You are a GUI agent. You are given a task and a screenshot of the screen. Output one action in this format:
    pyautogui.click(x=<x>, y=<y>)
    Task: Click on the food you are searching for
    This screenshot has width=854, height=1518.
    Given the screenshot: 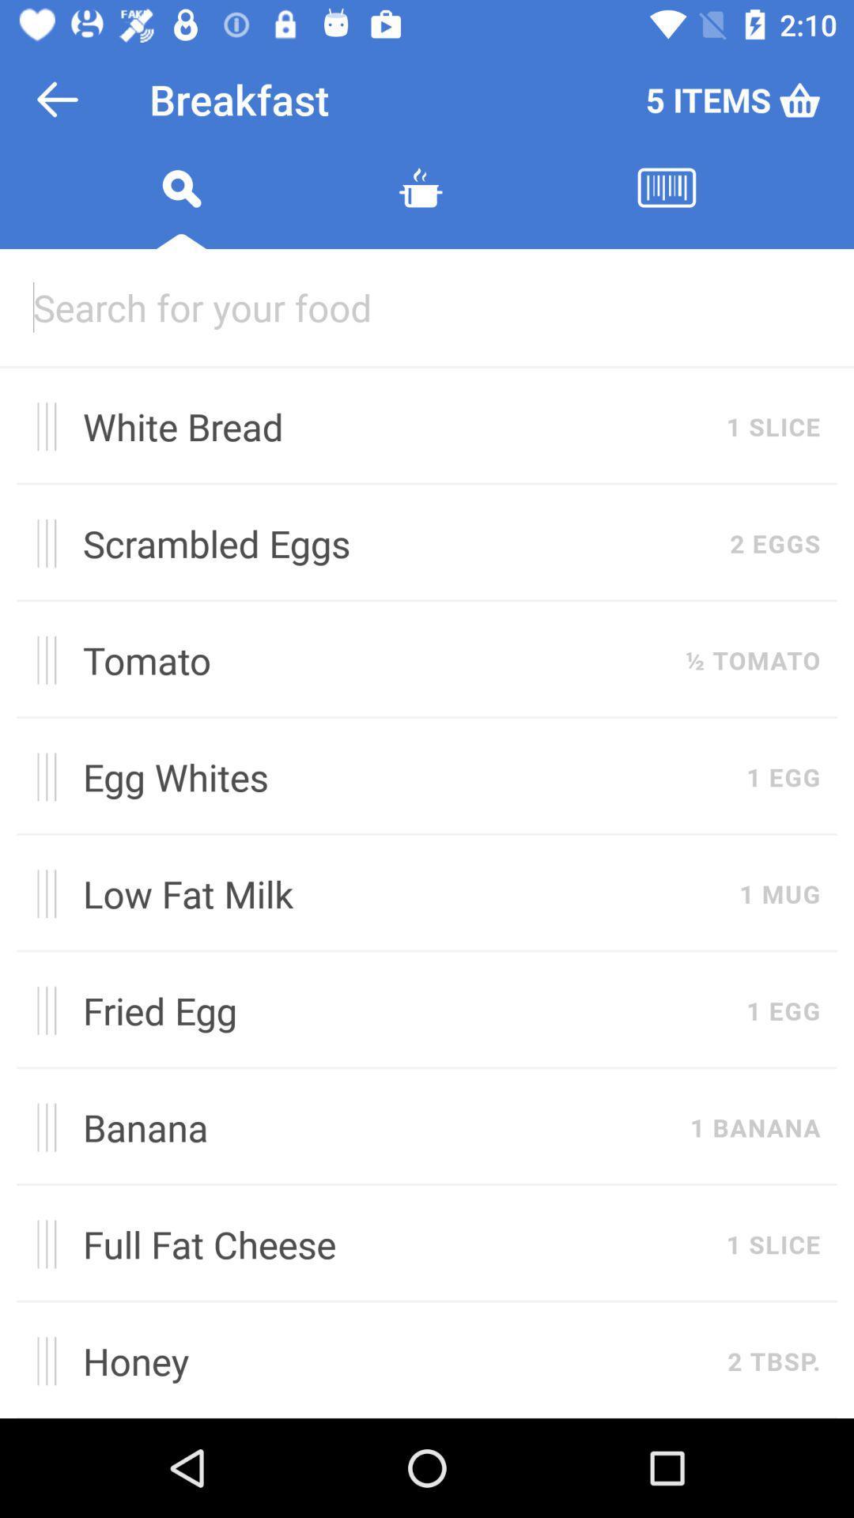 What is the action you would take?
    pyautogui.click(x=427, y=307)
    